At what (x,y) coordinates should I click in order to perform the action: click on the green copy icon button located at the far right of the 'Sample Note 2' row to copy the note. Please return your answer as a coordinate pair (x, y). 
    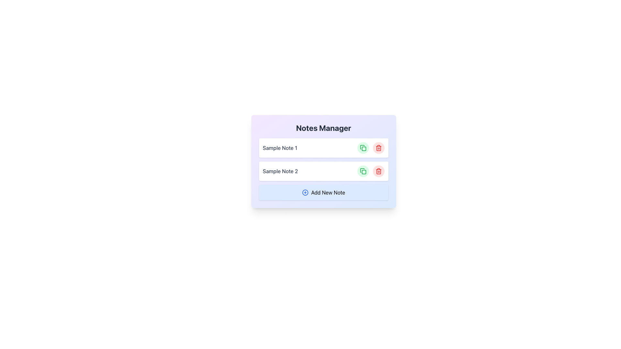
    Looking at the image, I should click on (363, 171).